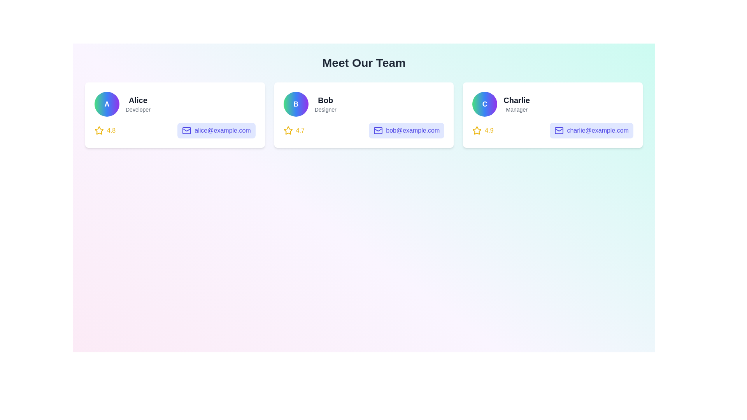  Describe the element at coordinates (559, 130) in the screenshot. I see `the envelope icon located in the bottom-right corner of Charlie's card, next to the email address 'charlie@example.com'` at that location.